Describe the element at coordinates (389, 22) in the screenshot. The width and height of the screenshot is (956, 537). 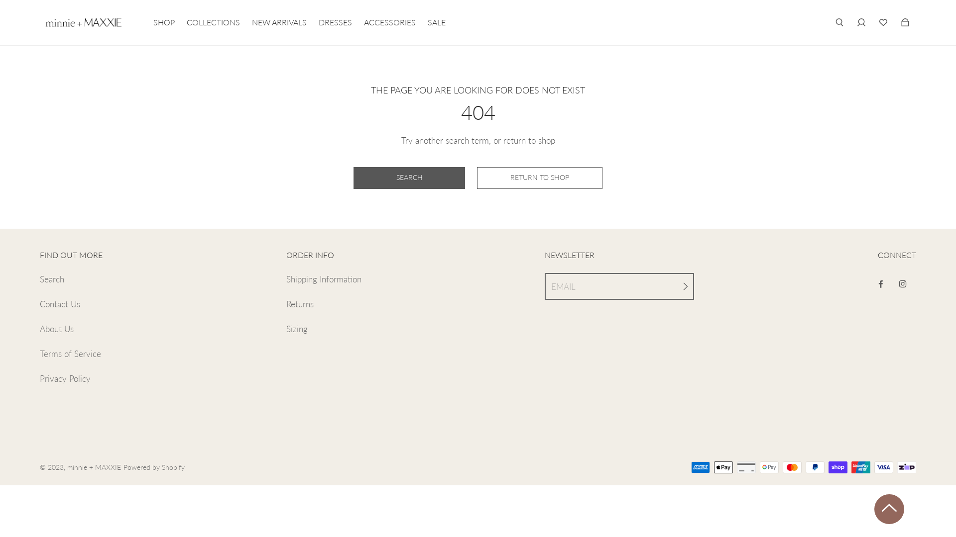
I see `'ACCESSORIES'` at that location.